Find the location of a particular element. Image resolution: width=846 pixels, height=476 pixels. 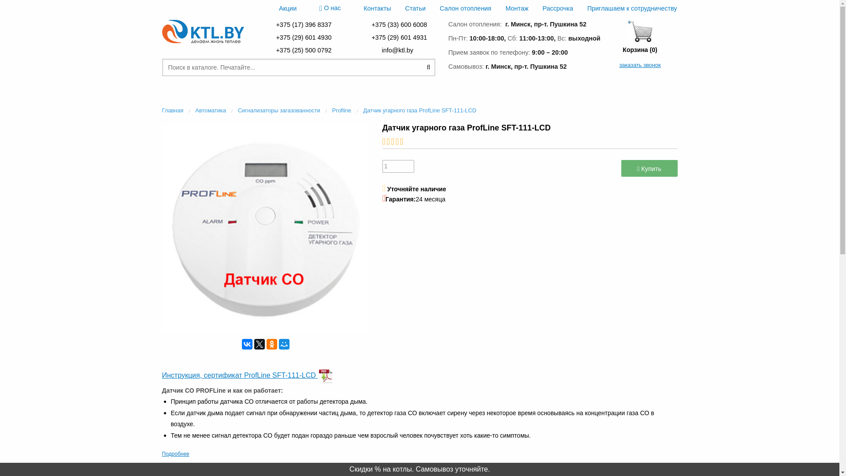

'+375 (29) 601 4930' is located at coordinates (304, 37).